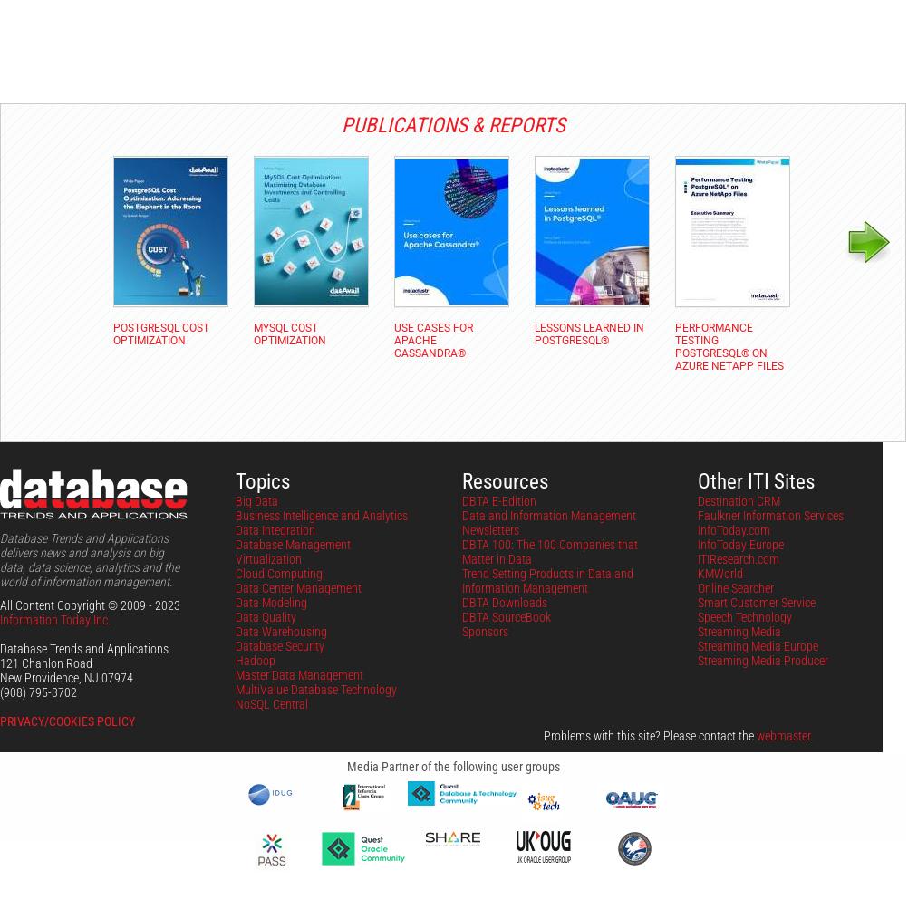  Describe the element at coordinates (275, 528) in the screenshot. I see `'Data Integration'` at that location.